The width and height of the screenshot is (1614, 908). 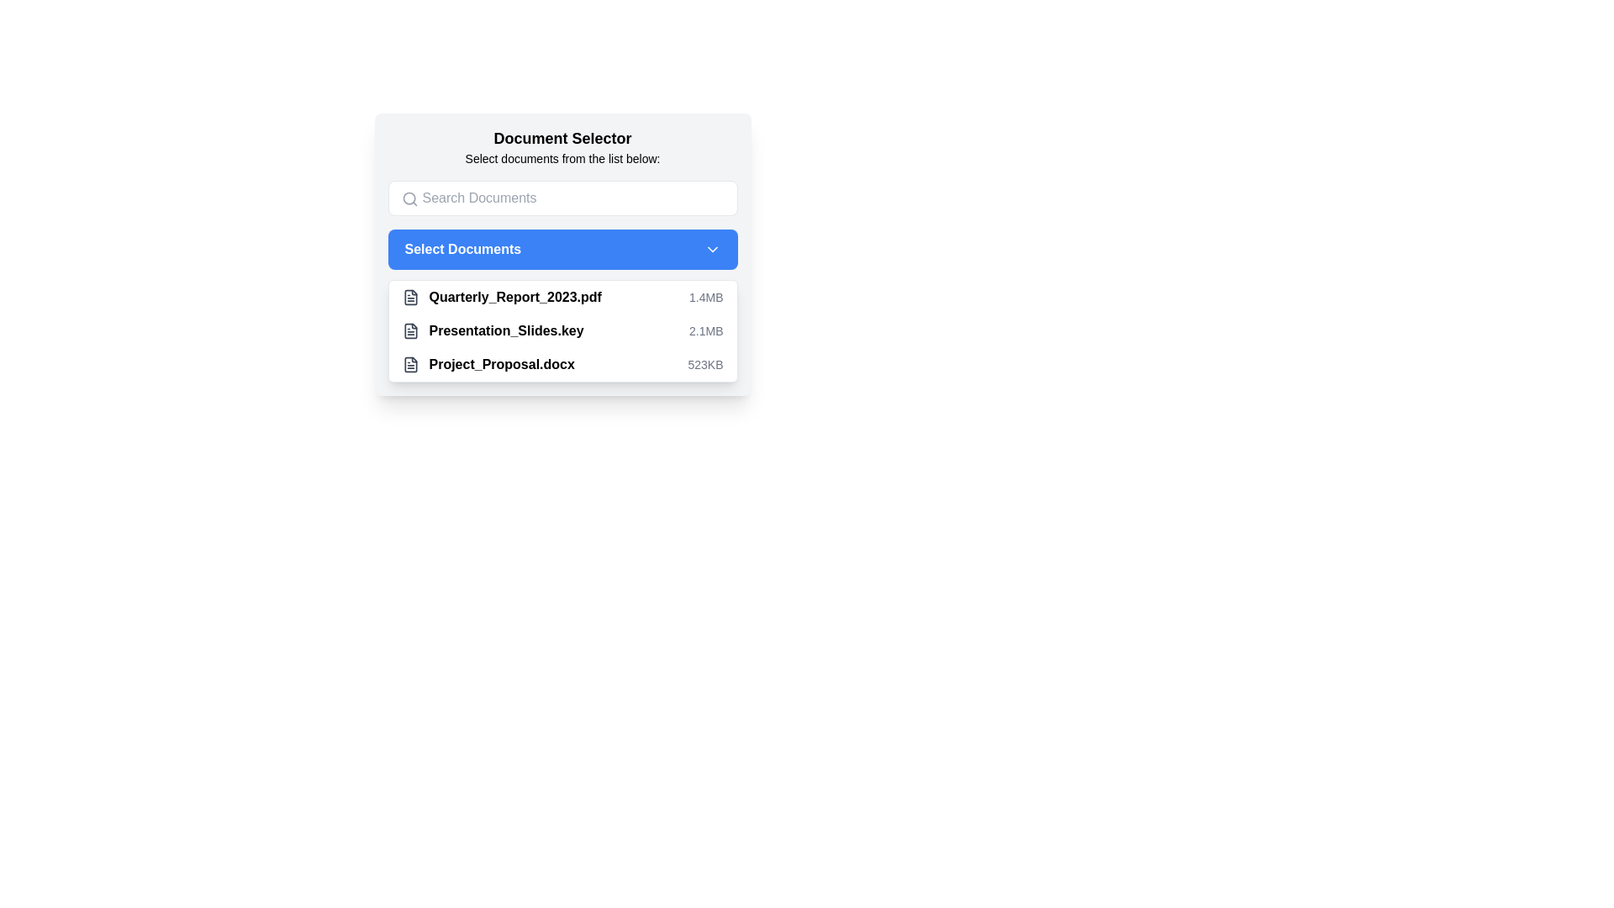 What do you see at coordinates (562, 159) in the screenshot?
I see `the instructional text element that says 'Select documents from the list below:', which is located below the 'Document Selector' heading` at bounding box center [562, 159].